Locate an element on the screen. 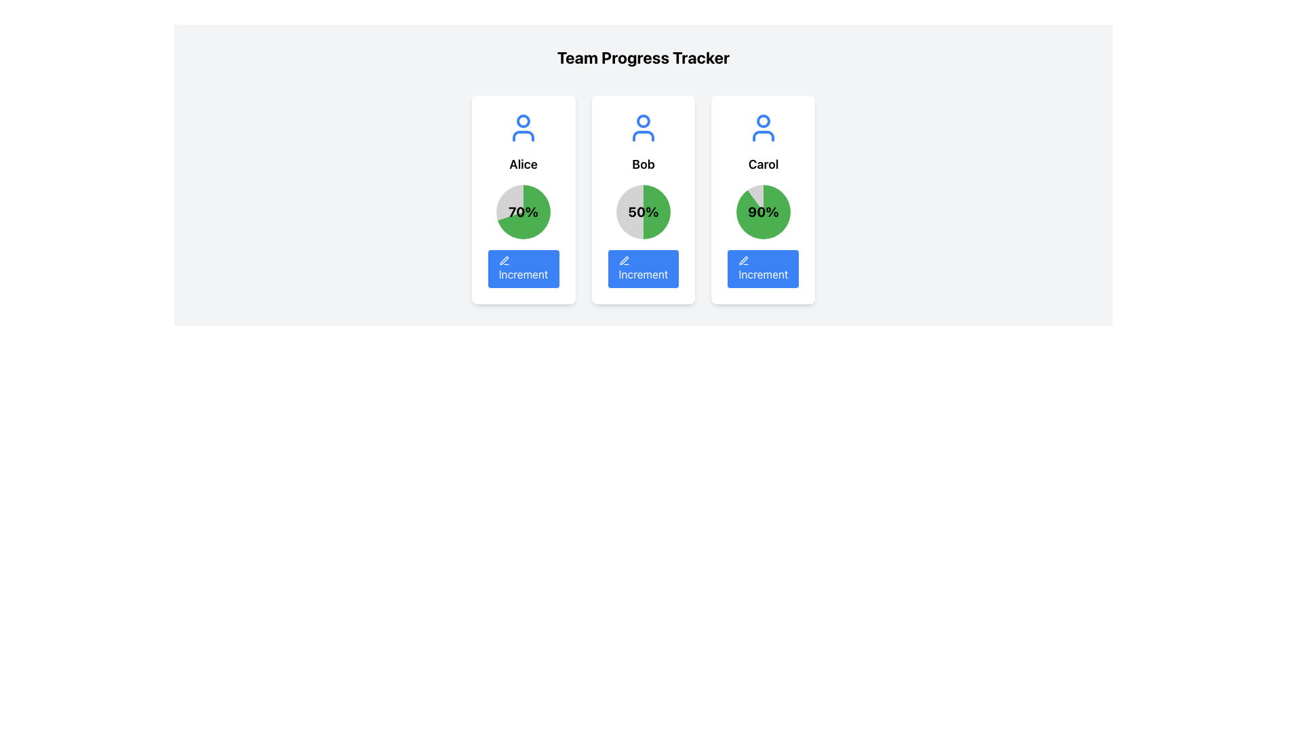 The image size is (1302, 732). the bold '90%' text label within the circular progress indicator under the user labeled 'Carol' is located at coordinates (763, 211).